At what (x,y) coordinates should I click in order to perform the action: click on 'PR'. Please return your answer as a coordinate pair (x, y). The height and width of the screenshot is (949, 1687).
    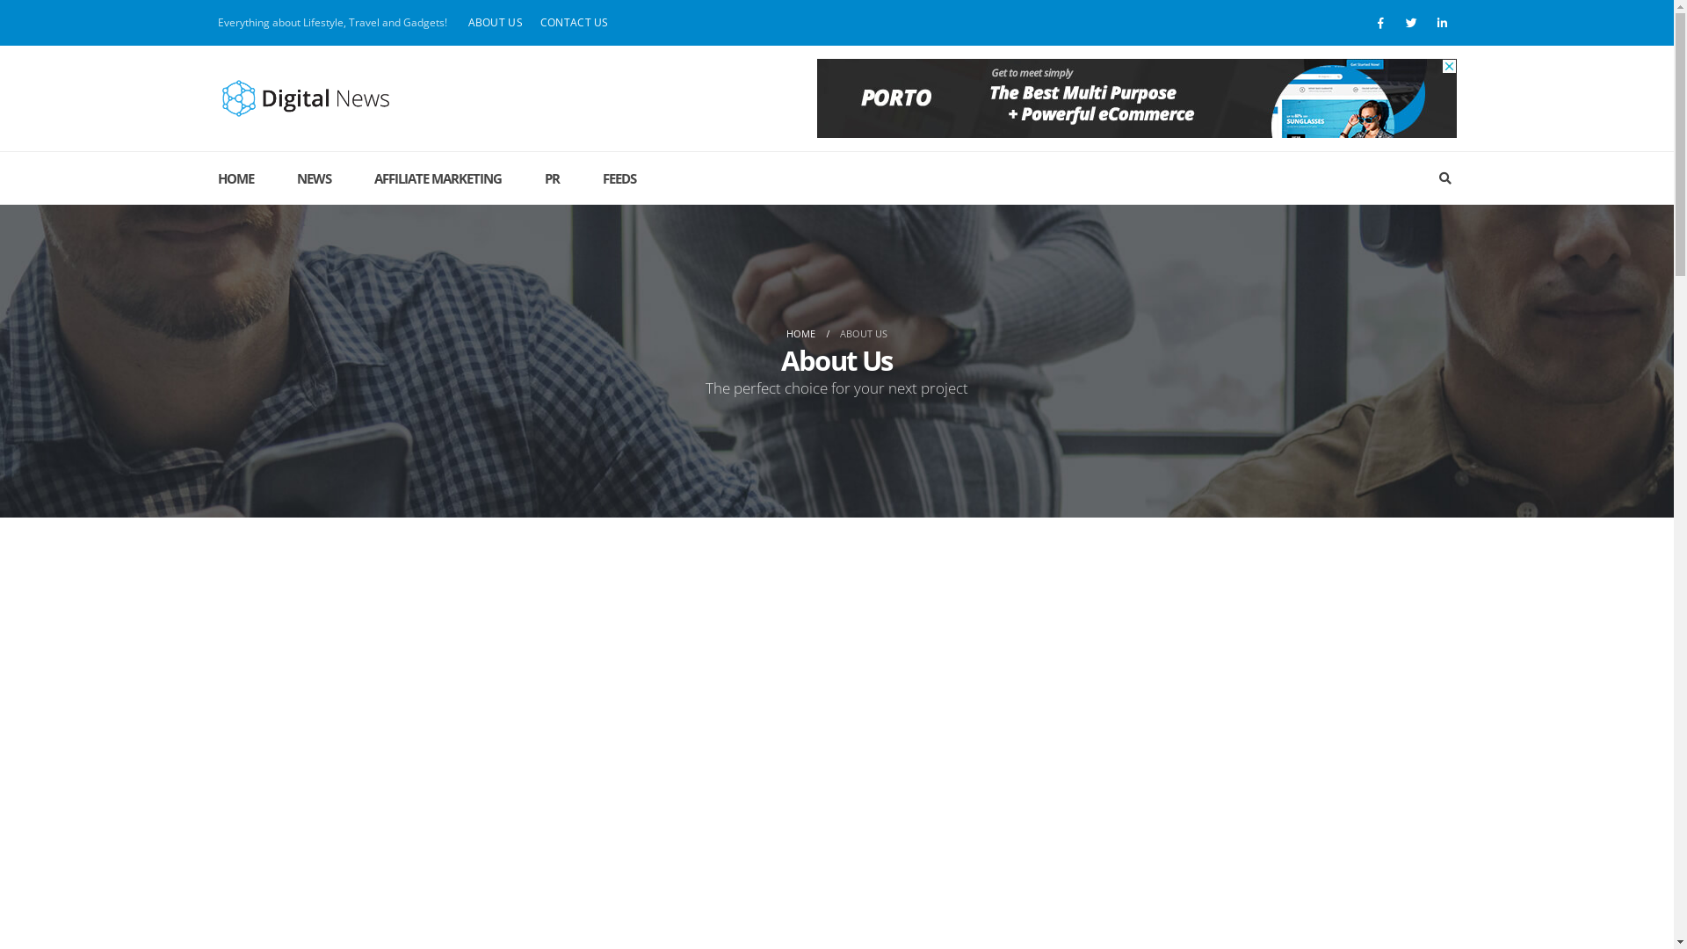
    Looking at the image, I should click on (522, 178).